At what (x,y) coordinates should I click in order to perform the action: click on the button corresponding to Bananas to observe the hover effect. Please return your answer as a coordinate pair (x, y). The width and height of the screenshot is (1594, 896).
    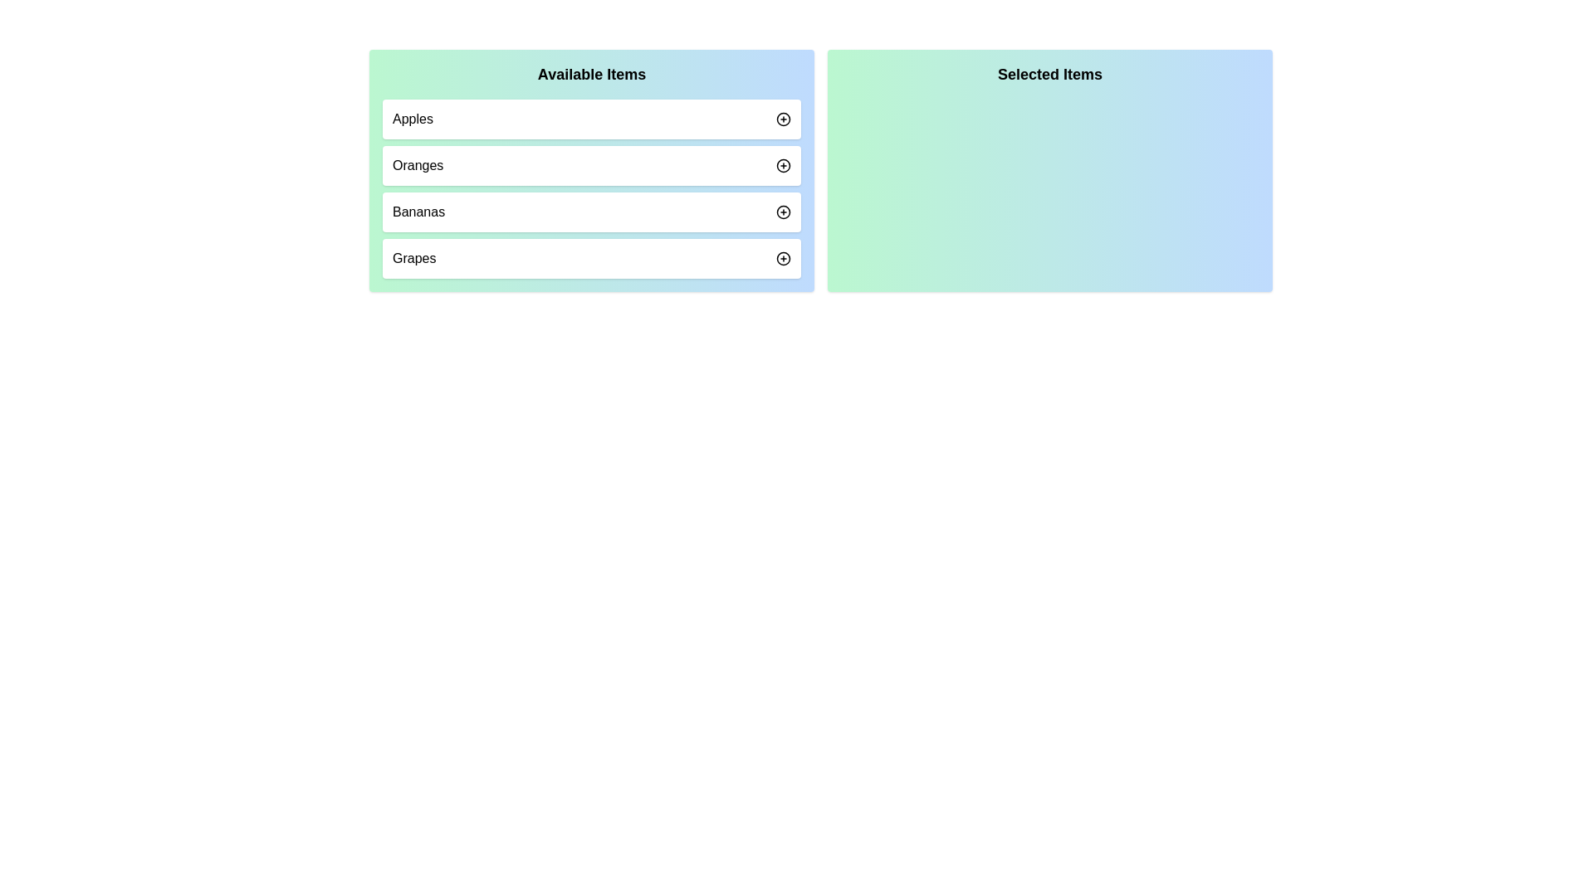
    Looking at the image, I should click on (783, 211).